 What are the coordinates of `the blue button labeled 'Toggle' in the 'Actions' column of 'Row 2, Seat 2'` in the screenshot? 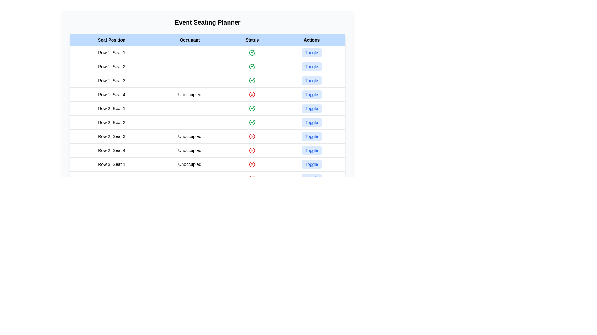 It's located at (312, 122).